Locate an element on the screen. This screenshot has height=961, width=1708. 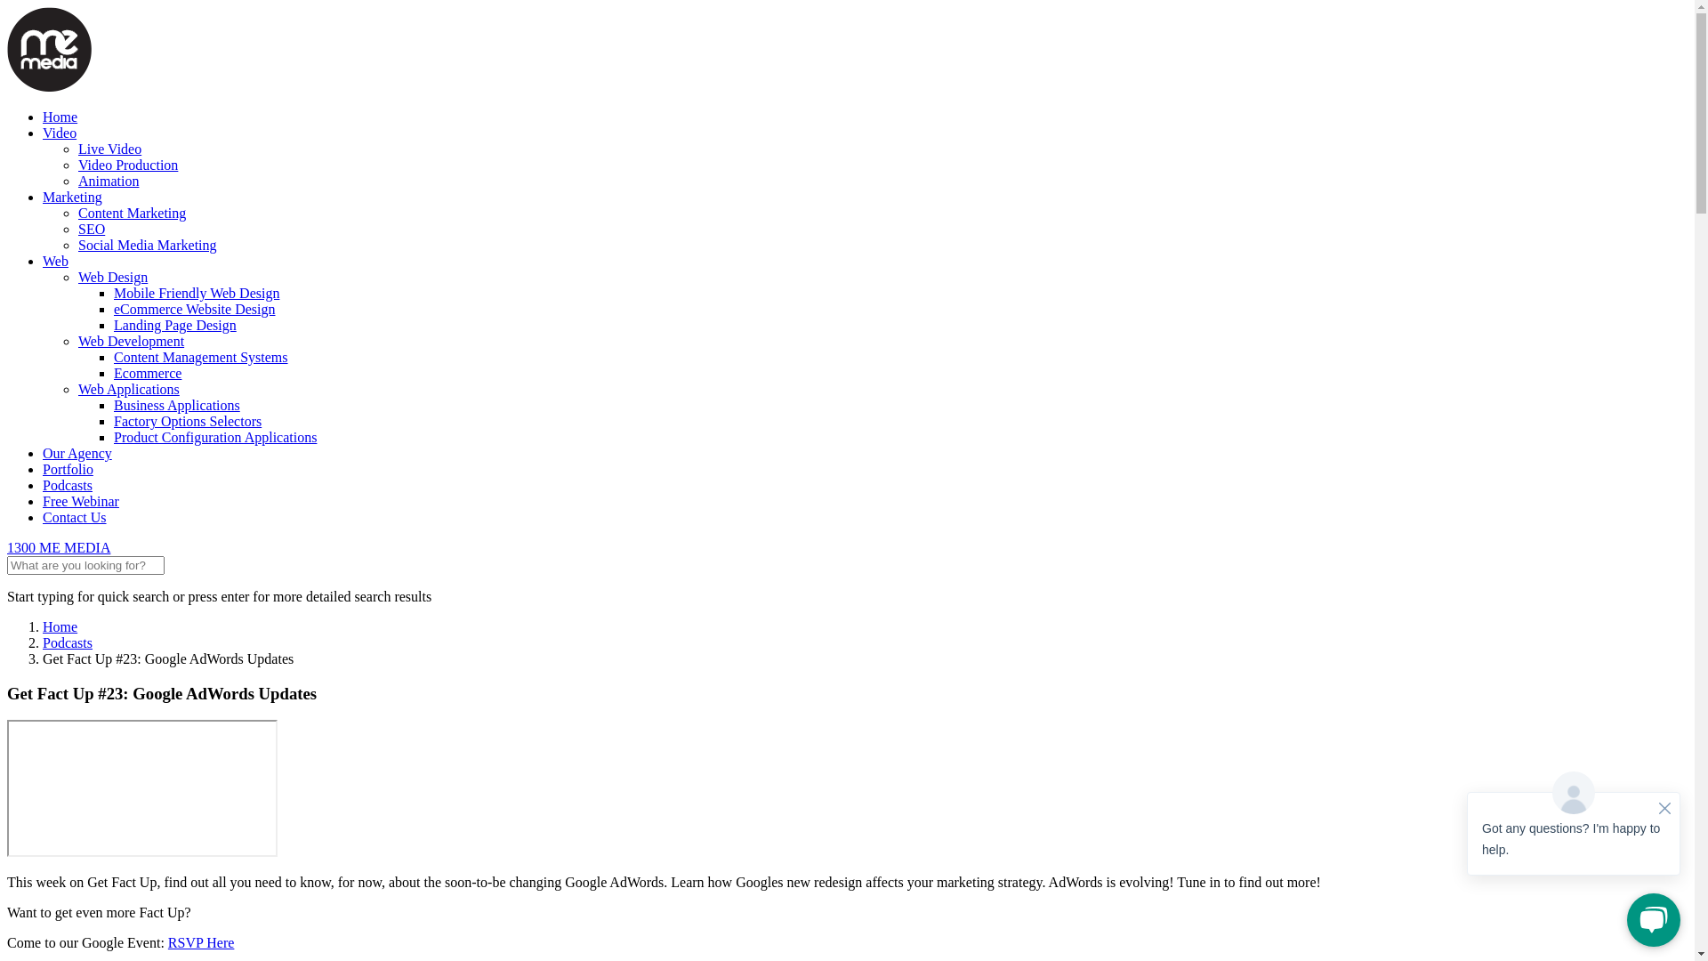
'Portfolio' is located at coordinates (43, 468).